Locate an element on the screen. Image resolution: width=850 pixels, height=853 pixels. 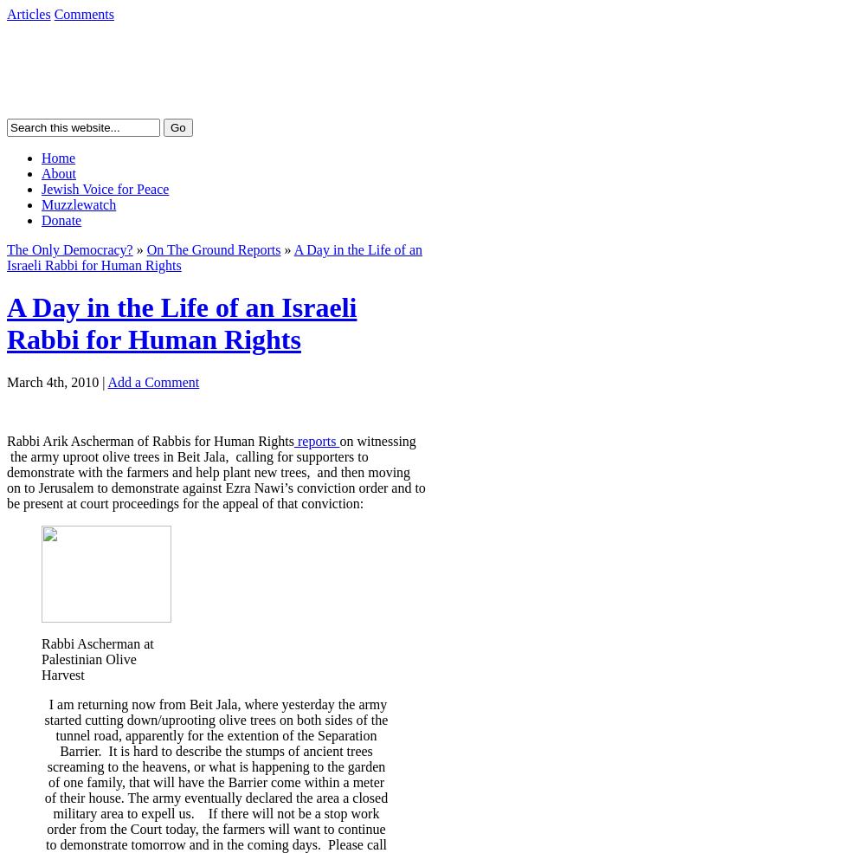
'reports' is located at coordinates (316, 440).